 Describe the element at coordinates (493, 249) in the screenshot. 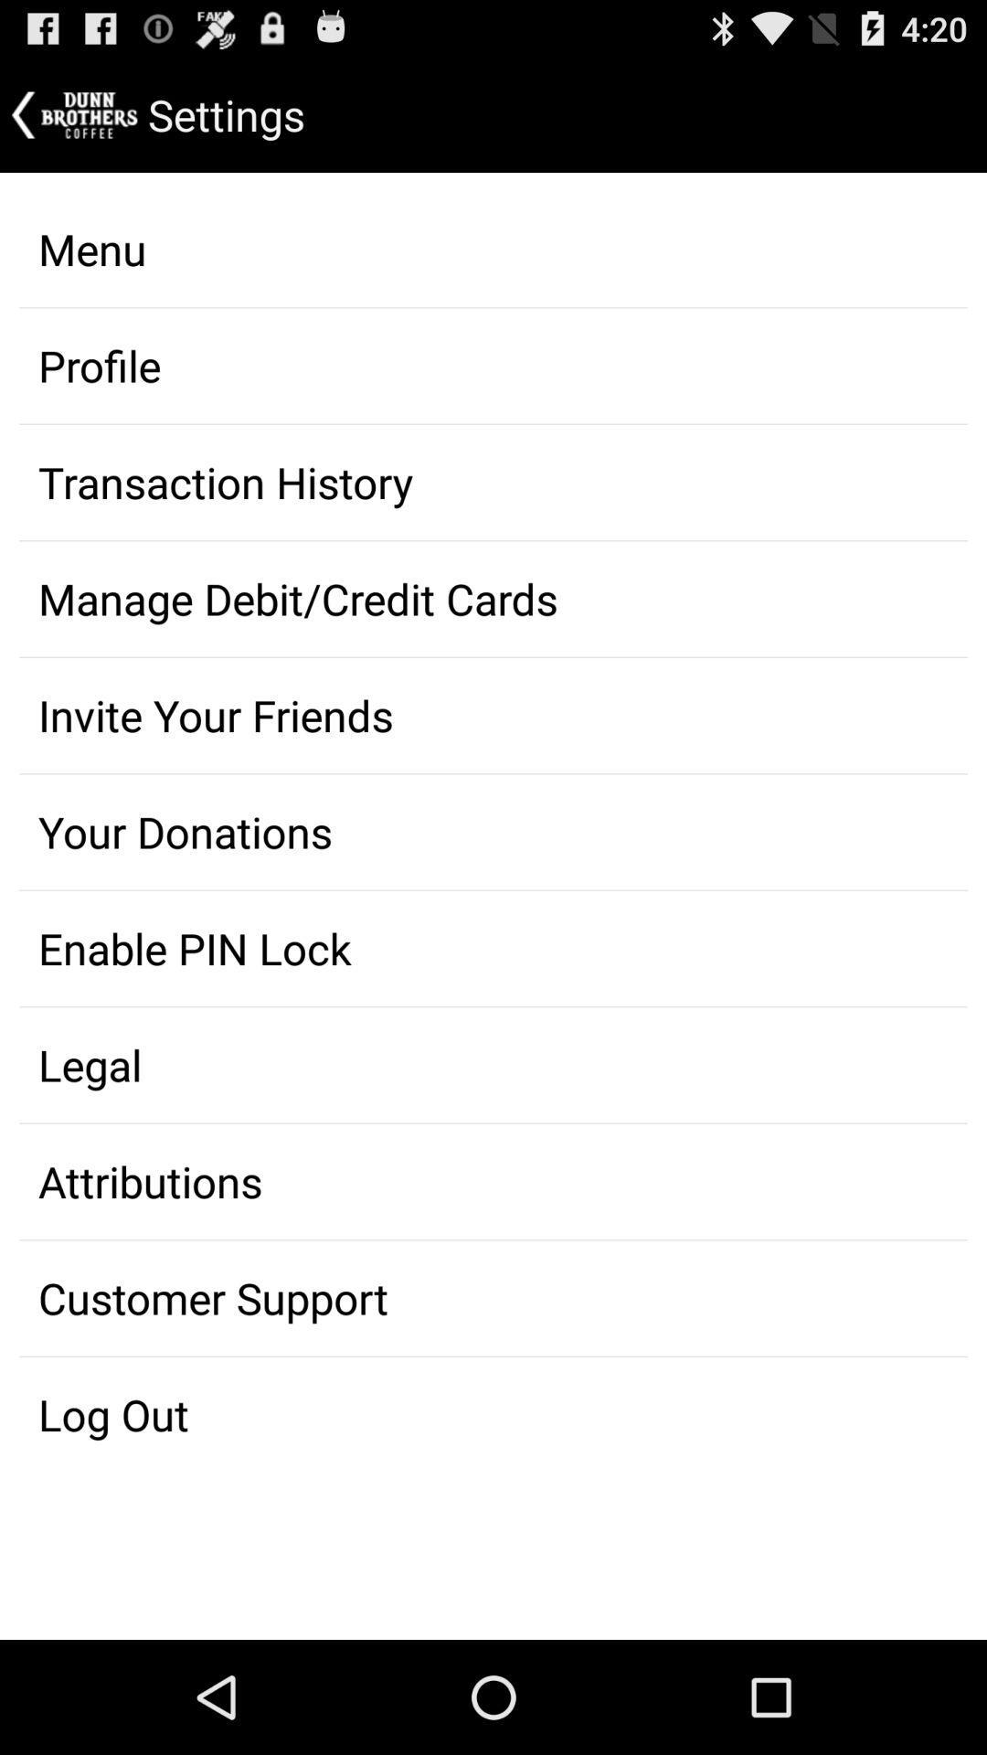

I see `the menu icon` at that location.